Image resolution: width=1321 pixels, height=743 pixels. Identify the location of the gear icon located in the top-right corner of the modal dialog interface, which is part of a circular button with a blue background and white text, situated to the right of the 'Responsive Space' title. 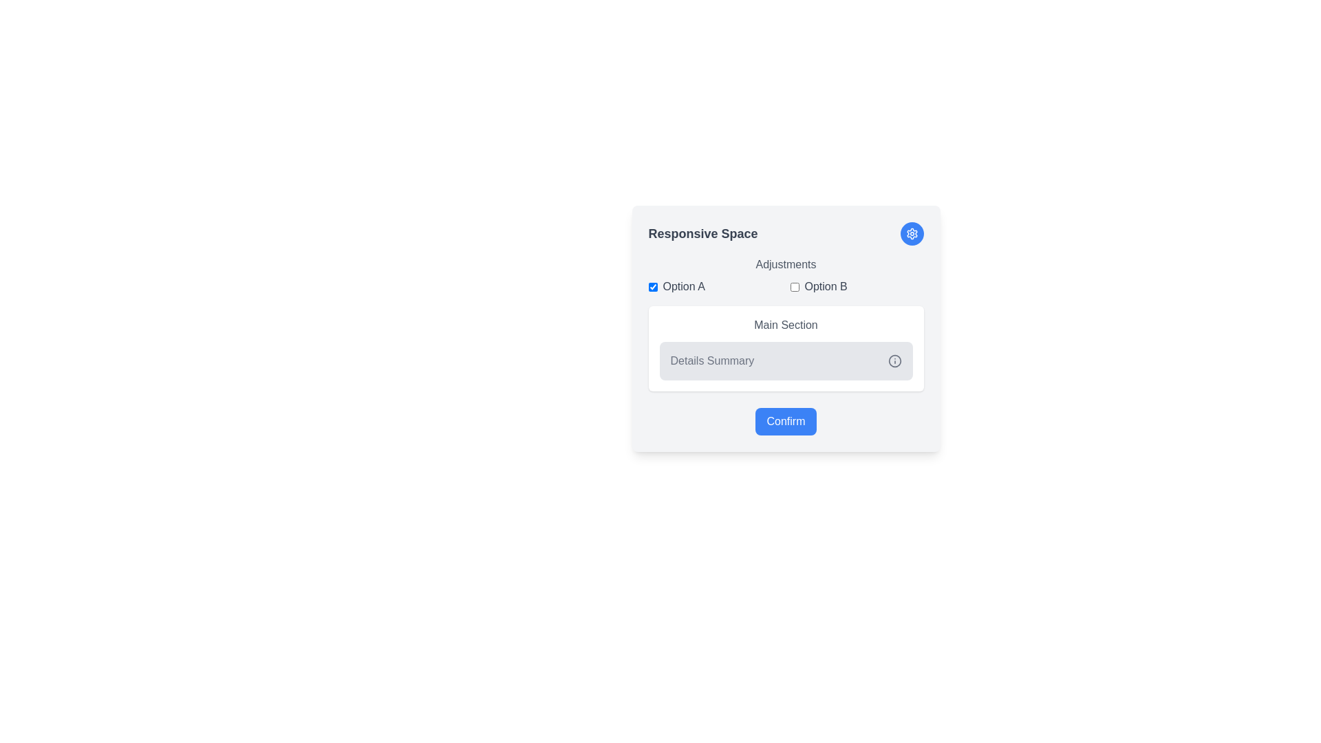
(912, 233).